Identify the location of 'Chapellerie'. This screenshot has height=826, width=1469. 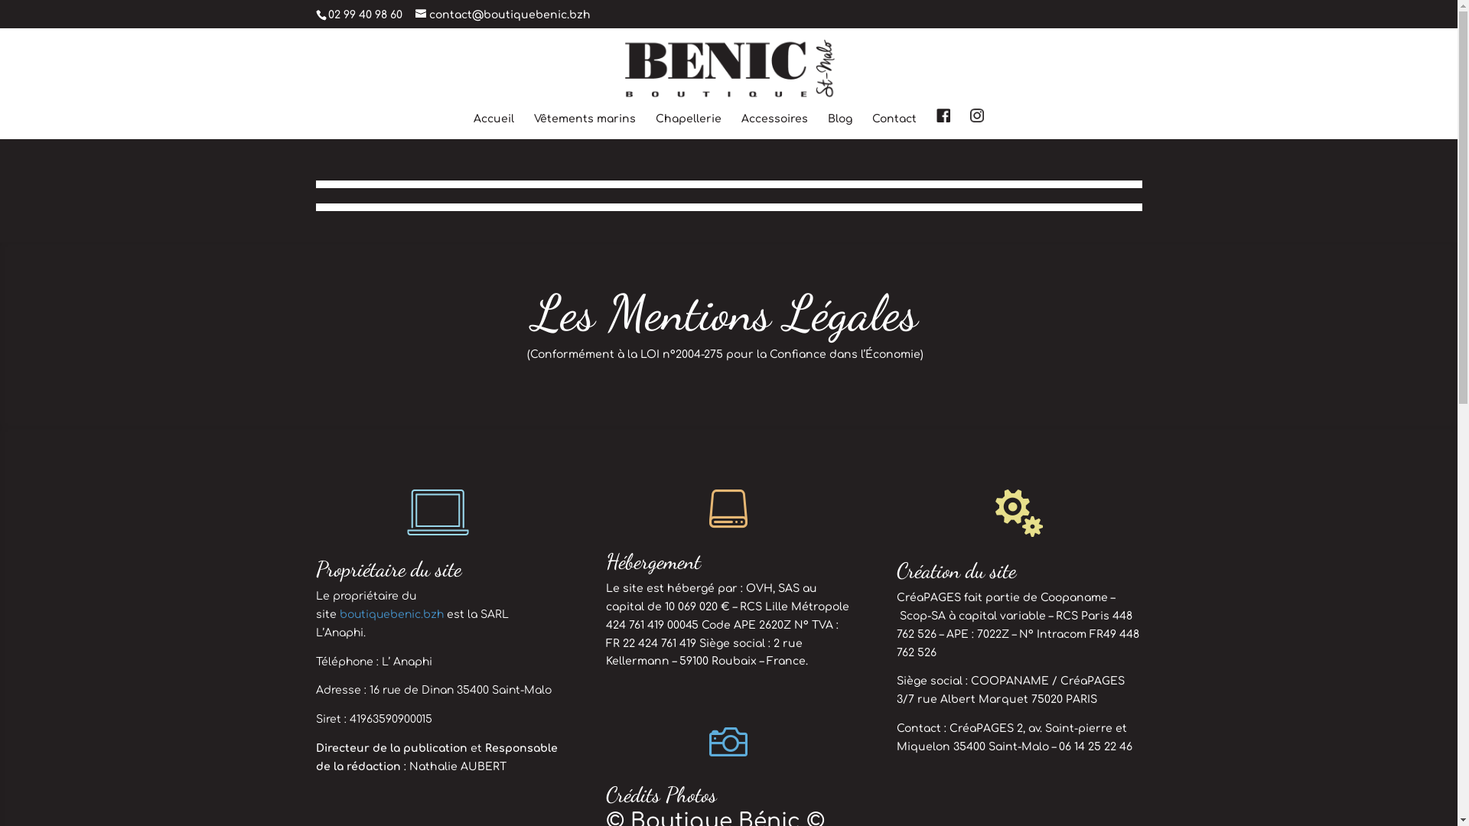
(656, 125).